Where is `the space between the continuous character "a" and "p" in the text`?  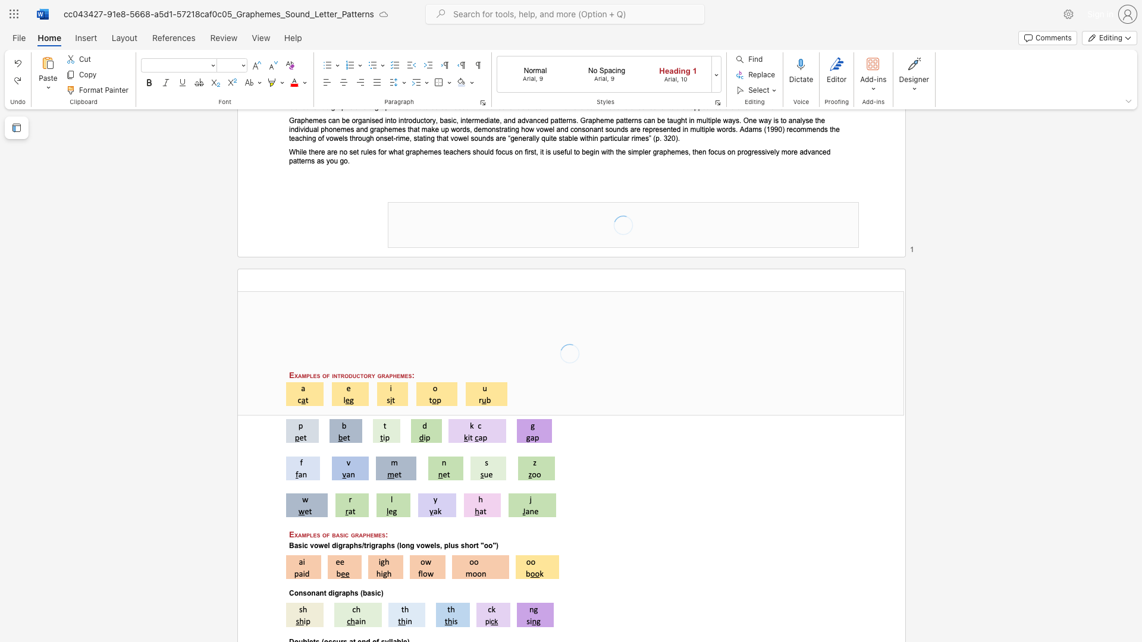
the space between the continuous character "a" and "p" in the text is located at coordinates (362, 534).